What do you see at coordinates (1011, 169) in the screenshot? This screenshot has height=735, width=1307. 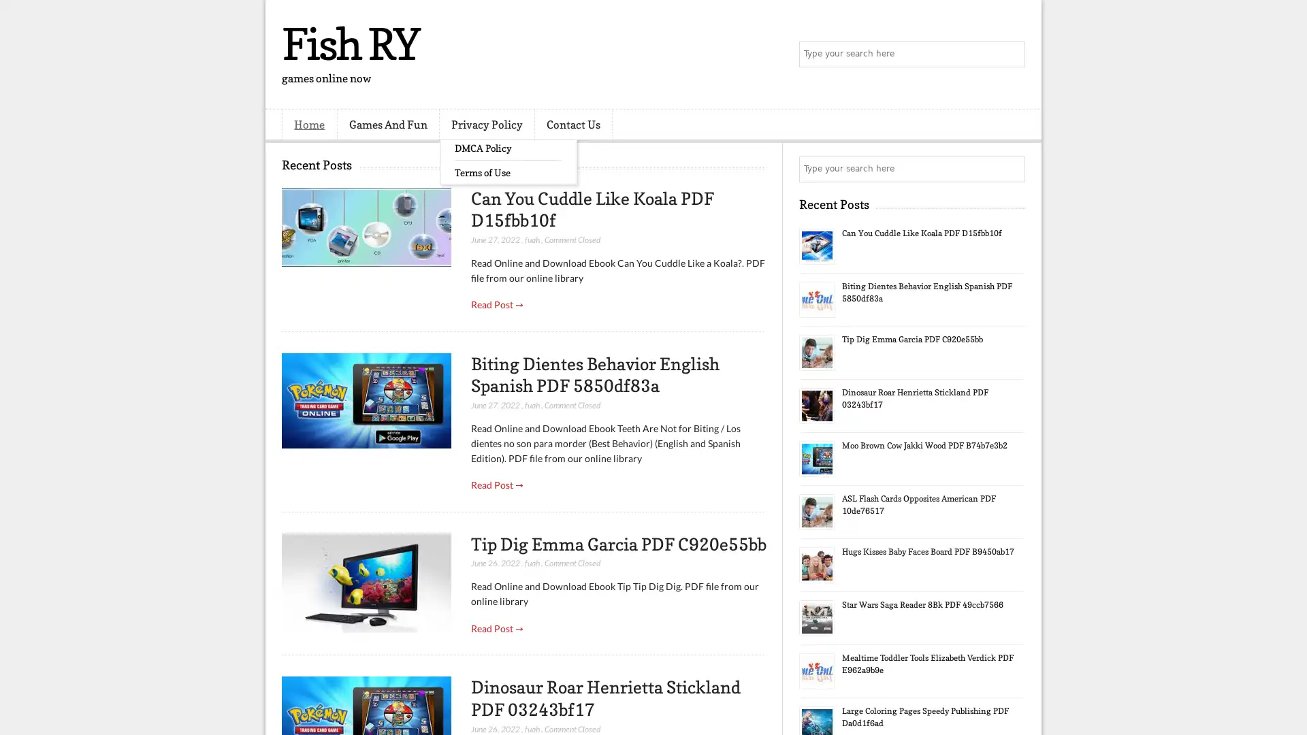 I see `Search` at bounding box center [1011, 169].